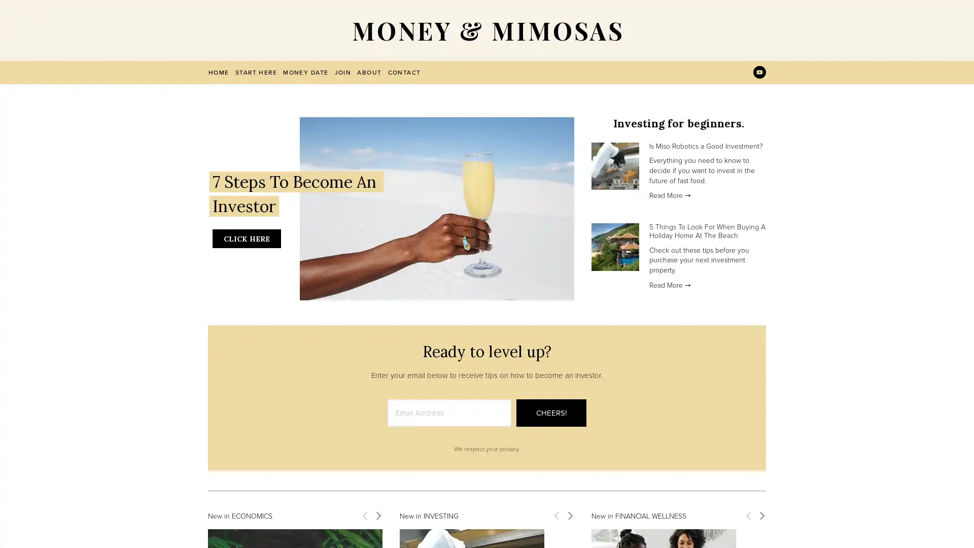  Describe the element at coordinates (365, 515) in the screenshot. I see `Previous` at that location.